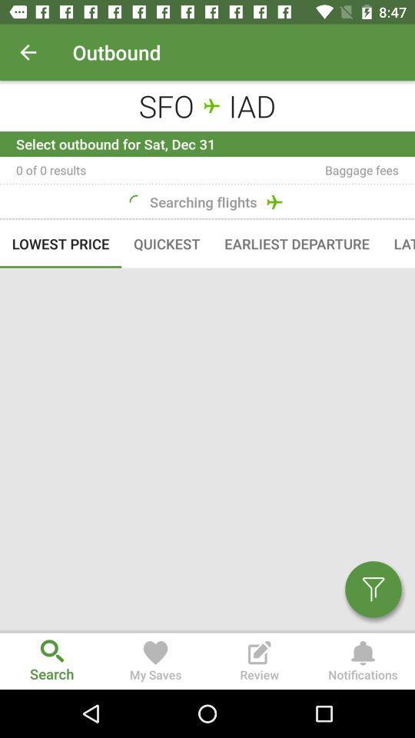 The height and width of the screenshot is (738, 415). What do you see at coordinates (259, 660) in the screenshot?
I see `the review option` at bounding box center [259, 660].